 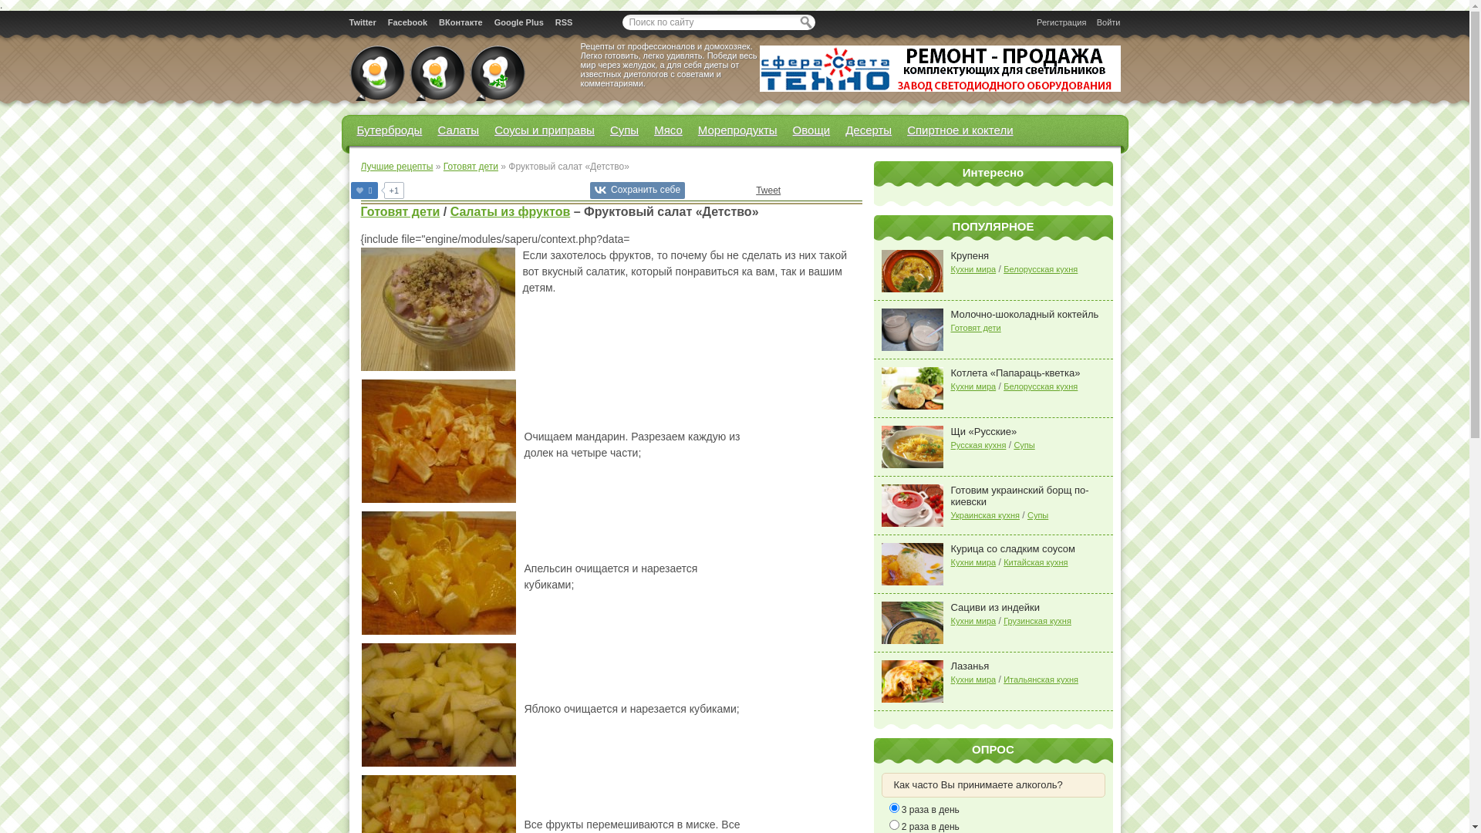 What do you see at coordinates (361, 22) in the screenshot?
I see `'Twitter'` at bounding box center [361, 22].